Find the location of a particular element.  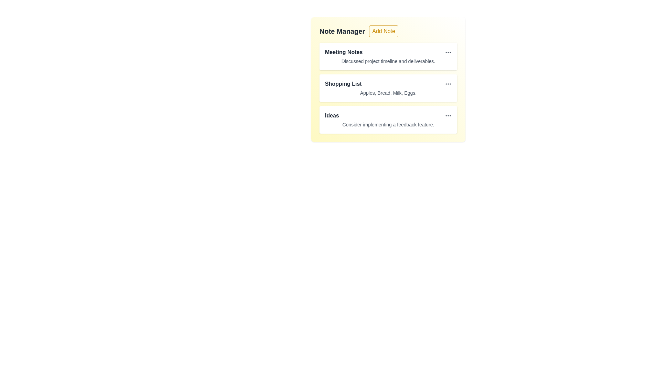

the note item titled 'Meeting Notes' to observe hover effects is located at coordinates (388, 56).